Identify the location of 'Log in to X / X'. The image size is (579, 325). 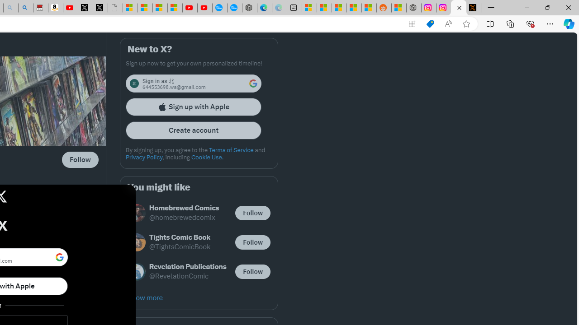
(459, 8).